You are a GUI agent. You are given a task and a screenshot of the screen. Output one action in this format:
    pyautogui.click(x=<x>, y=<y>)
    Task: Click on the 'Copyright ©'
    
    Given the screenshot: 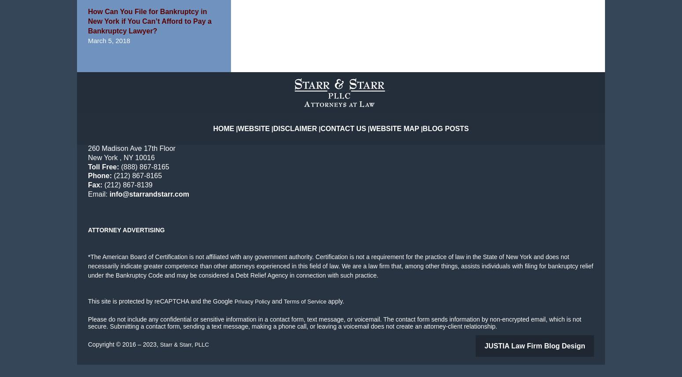 What is the action you would take?
    pyautogui.click(x=104, y=358)
    